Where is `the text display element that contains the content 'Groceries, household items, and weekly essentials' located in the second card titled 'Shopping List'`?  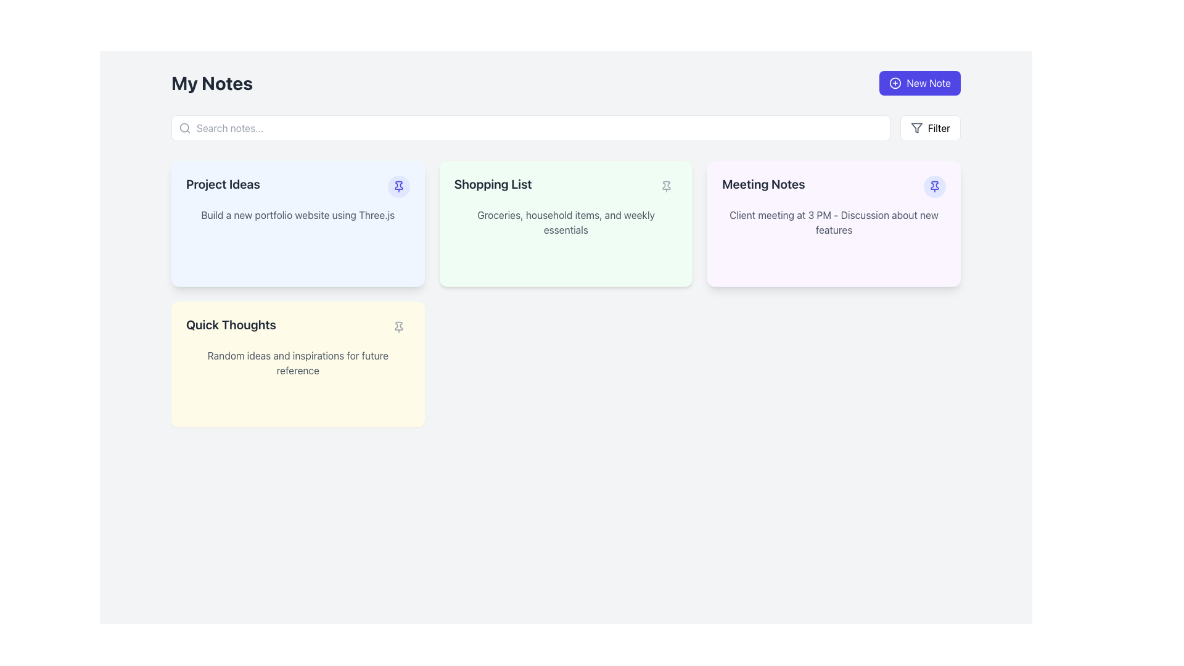 the text display element that contains the content 'Groceries, household items, and weekly essentials' located in the second card titled 'Shopping List' is located at coordinates (565, 223).